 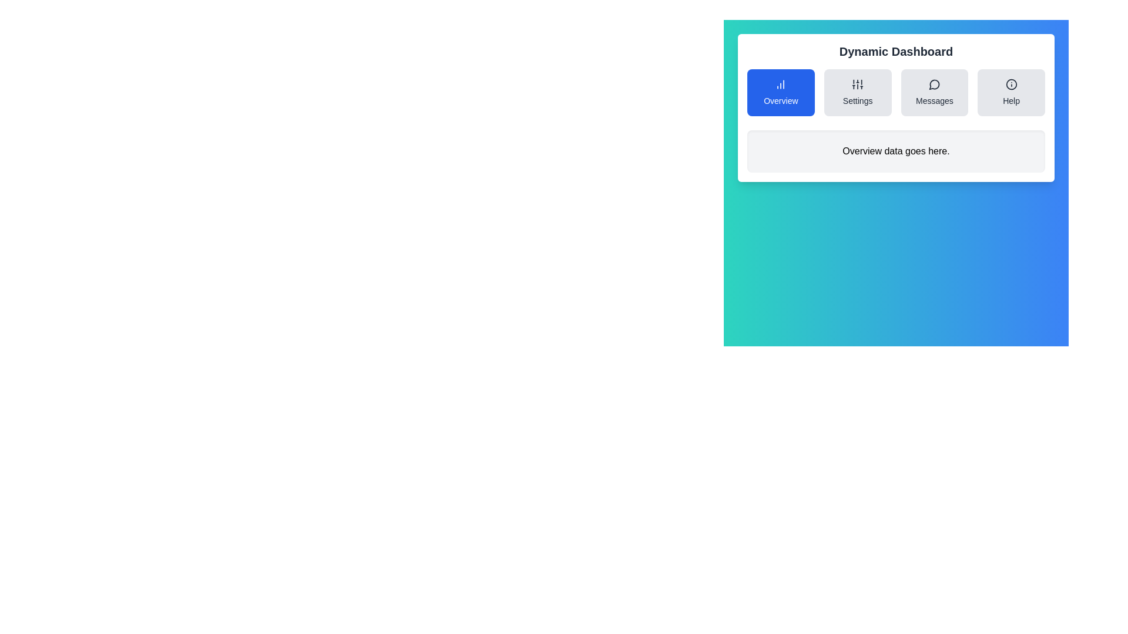 What do you see at coordinates (895, 151) in the screenshot?
I see `the text element displaying 'Overview data goes here.' which is located beneath the 'Overview' button in the 'Dynamic Dashboard' interface` at bounding box center [895, 151].